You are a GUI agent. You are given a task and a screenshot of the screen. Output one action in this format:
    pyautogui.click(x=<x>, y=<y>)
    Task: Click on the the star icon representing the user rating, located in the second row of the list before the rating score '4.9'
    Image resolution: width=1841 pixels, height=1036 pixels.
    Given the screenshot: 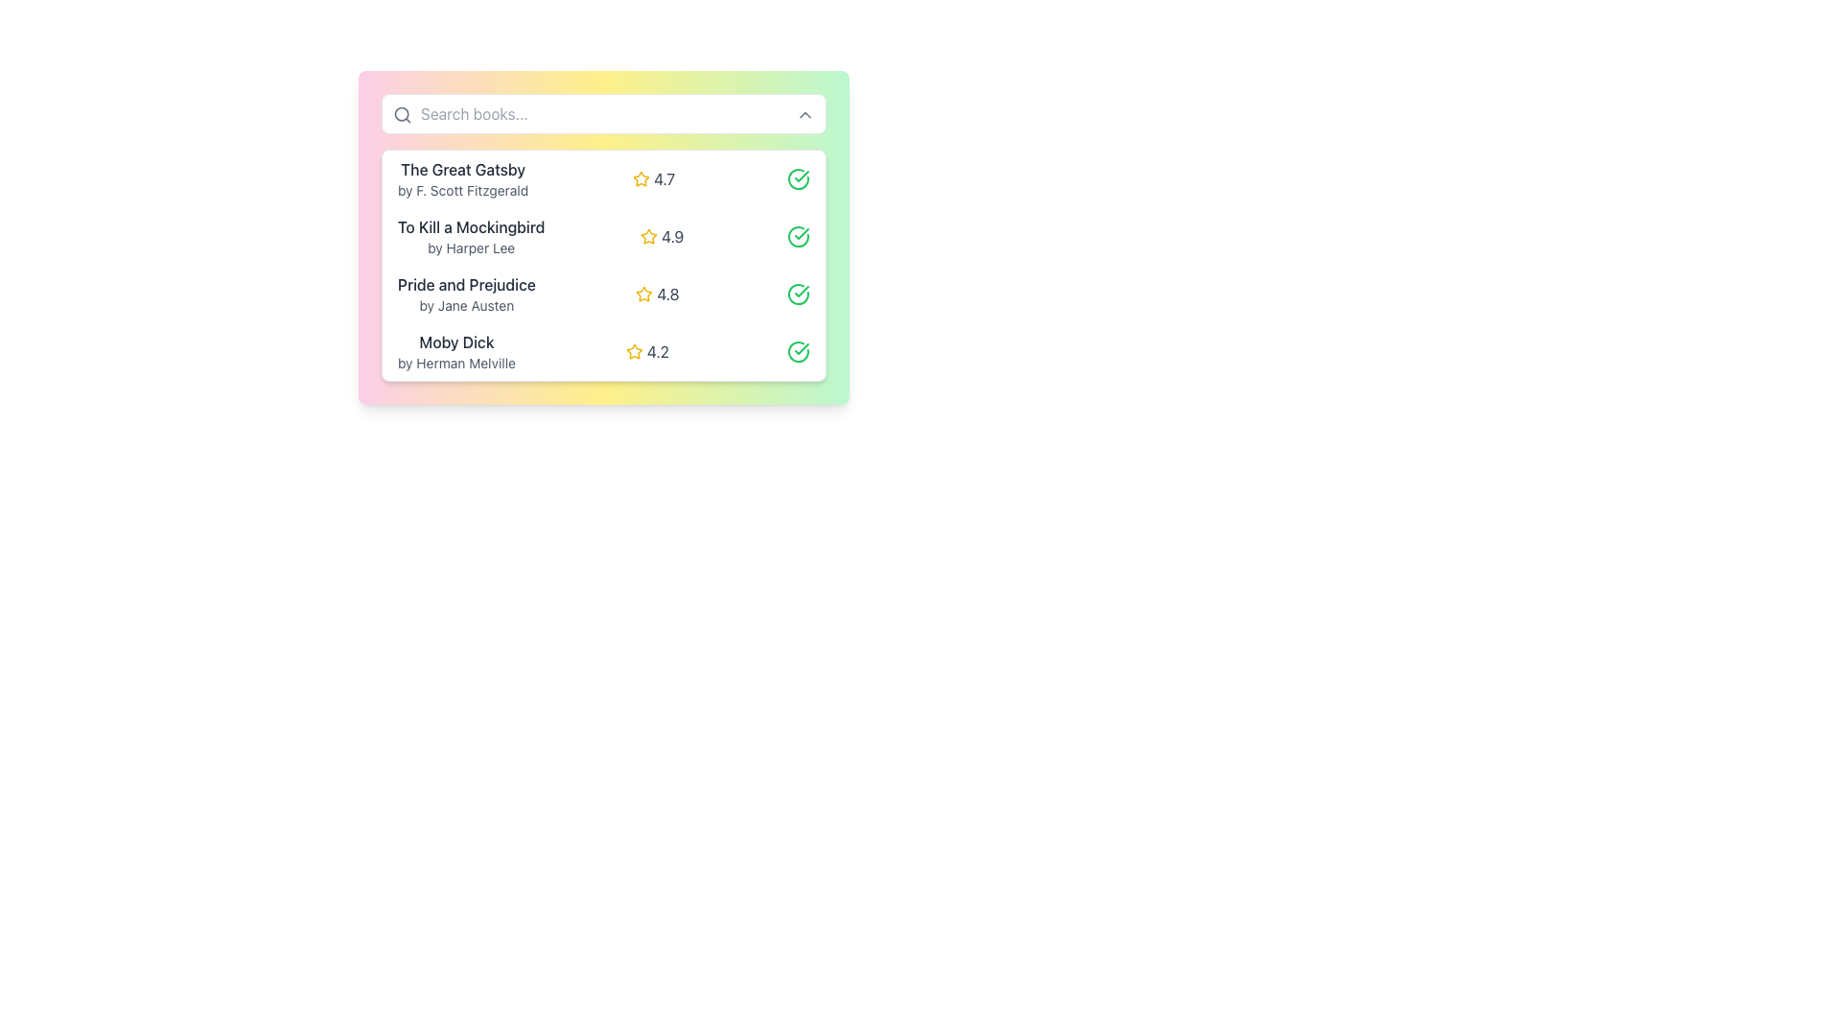 What is the action you would take?
    pyautogui.click(x=649, y=235)
    